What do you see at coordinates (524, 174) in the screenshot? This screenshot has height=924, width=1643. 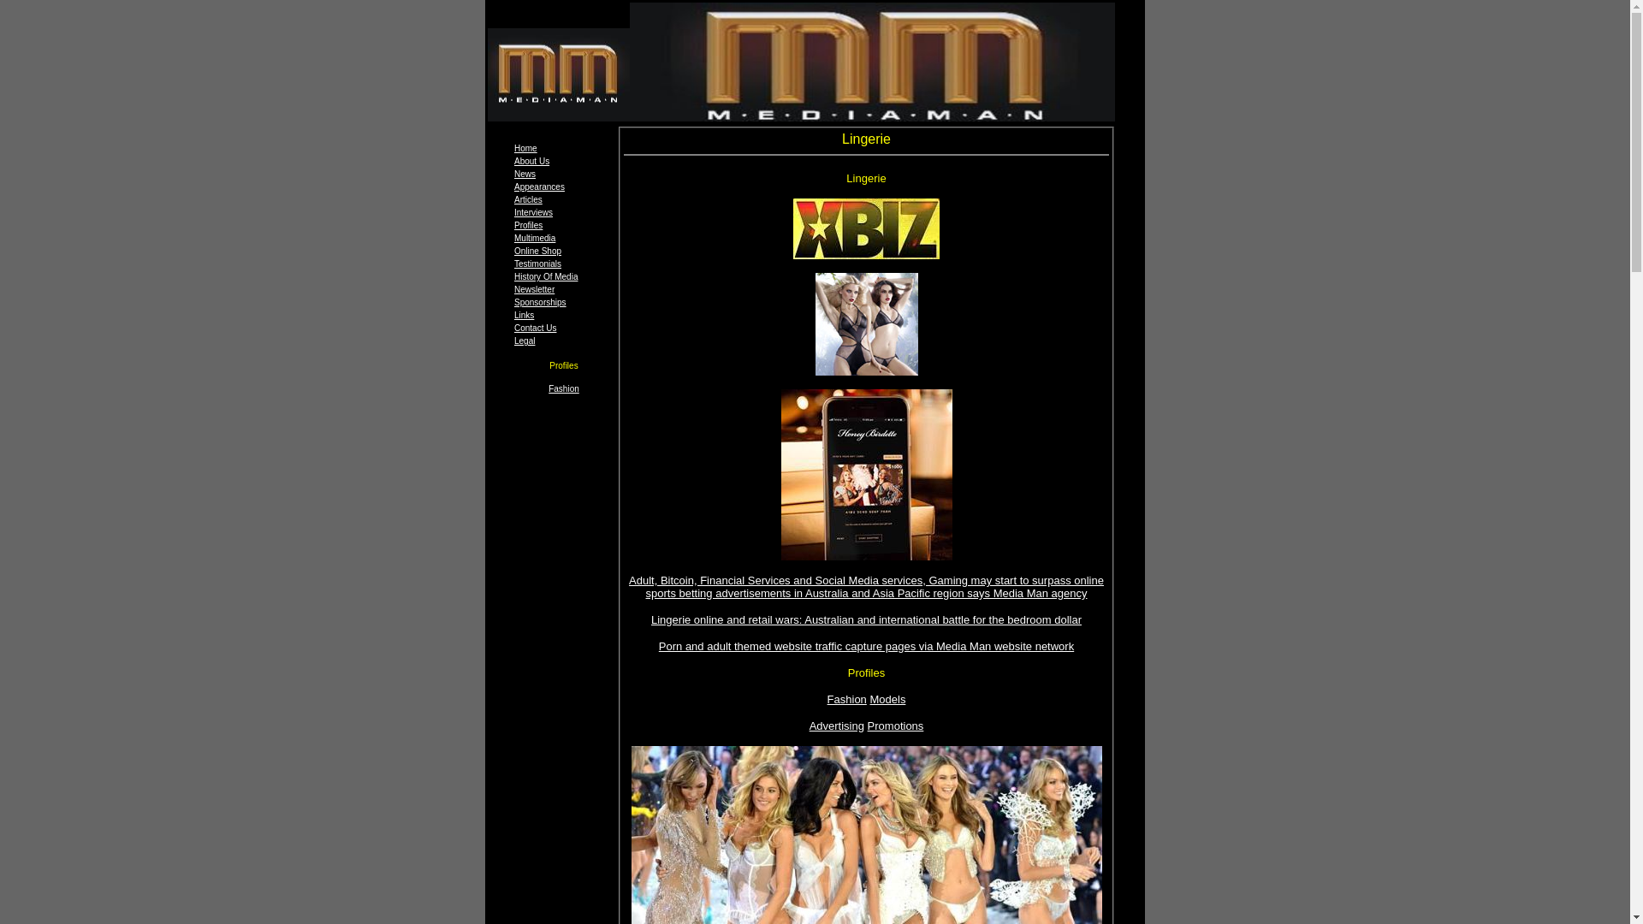 I see `'News'` at bounding box center [524, 174].